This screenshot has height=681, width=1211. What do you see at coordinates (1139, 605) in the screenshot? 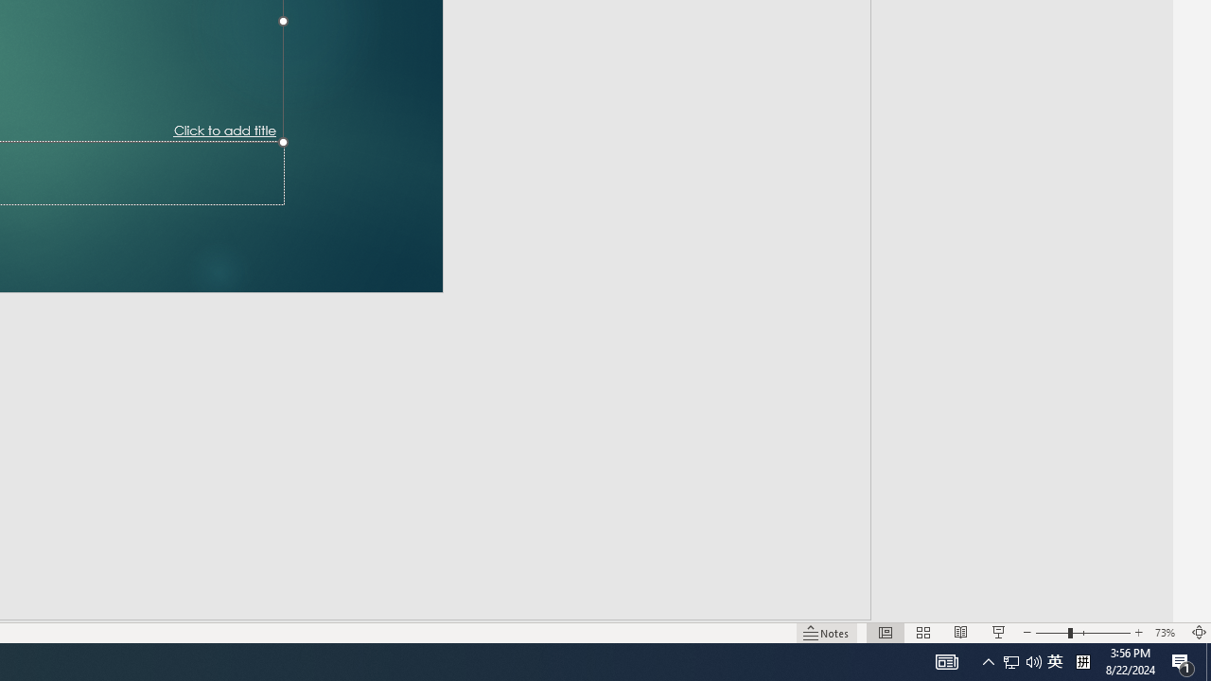
I see `'Zoom In'` at bounding box center [1139, 605].